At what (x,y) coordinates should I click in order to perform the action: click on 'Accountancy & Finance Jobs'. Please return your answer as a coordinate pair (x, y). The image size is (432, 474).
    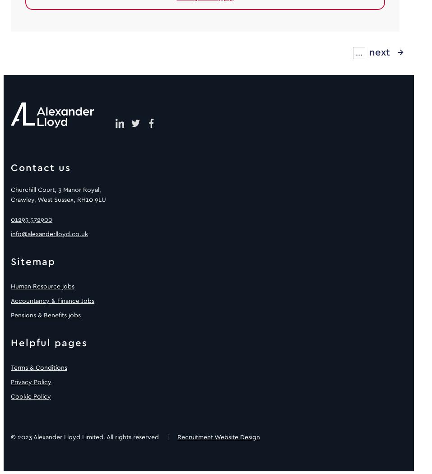
    Looking at the image, I should click on (52, 300).